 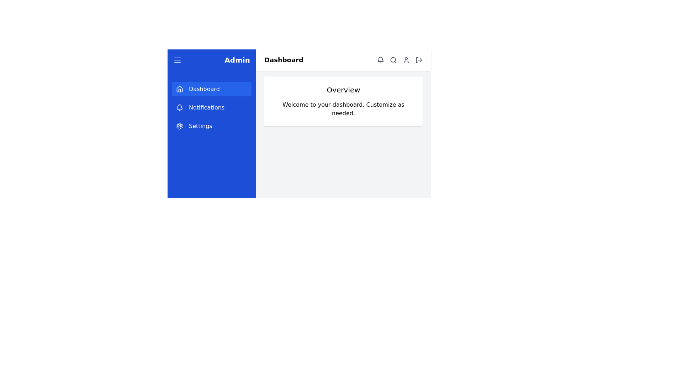 What do you see at coordinates (393, 60) in the screenshot?
I see `the circular gray magnifying glass icon located in the top-right corner of the toolbar` at bounding box center [393, 60].